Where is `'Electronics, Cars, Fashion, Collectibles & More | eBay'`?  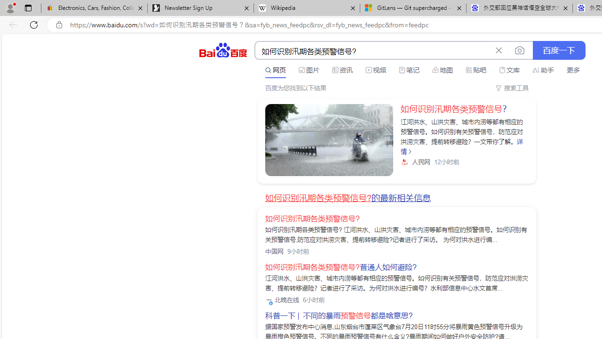 'Electronics, Cars, Fashion, Collectibles & More | eBay' is located at coordinates (94, 8).